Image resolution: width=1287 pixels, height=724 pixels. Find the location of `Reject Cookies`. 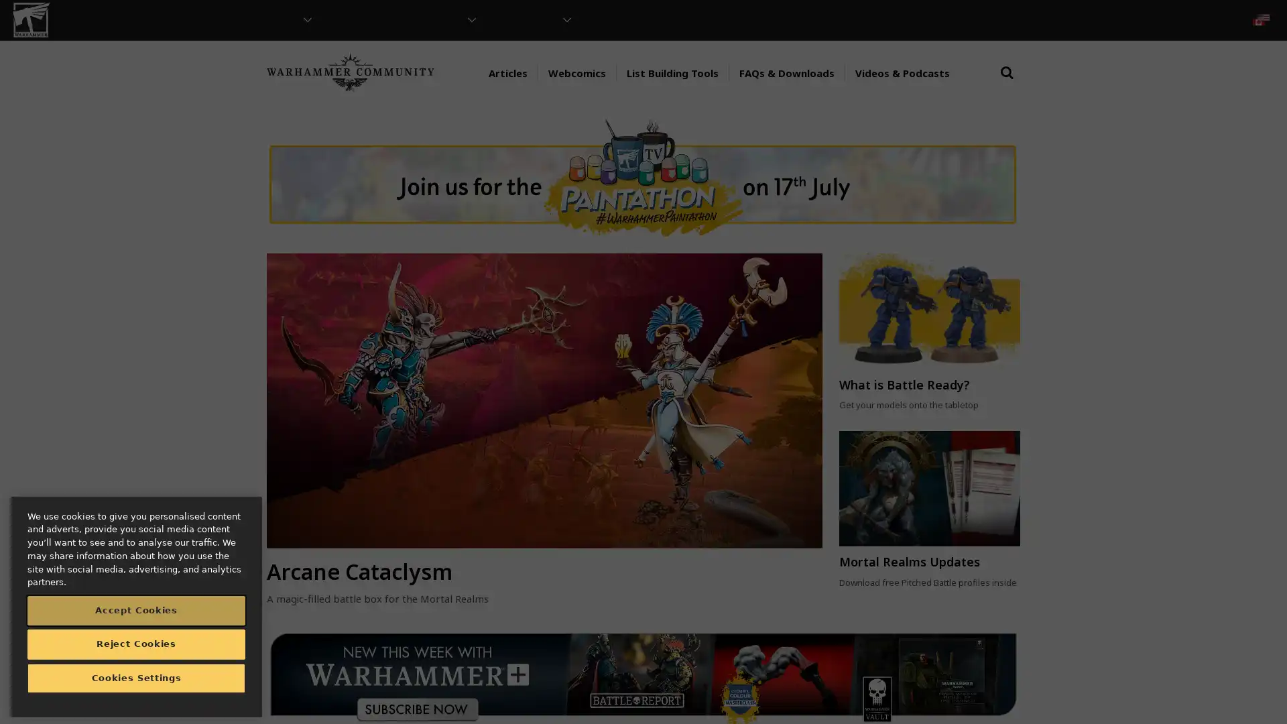

Reject Cookies is located at coordinates (136, 643).